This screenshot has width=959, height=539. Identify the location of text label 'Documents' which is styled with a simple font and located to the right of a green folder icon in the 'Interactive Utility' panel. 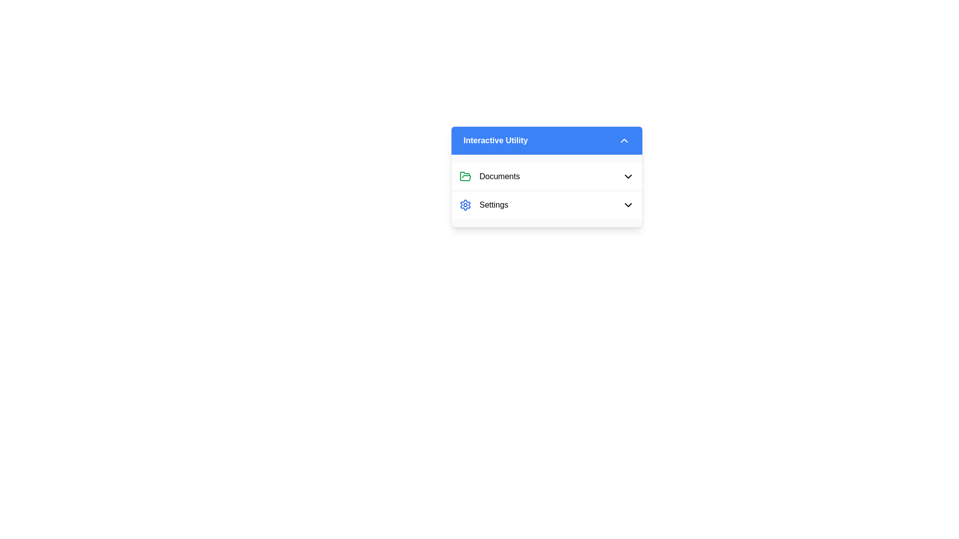
(499, 176).